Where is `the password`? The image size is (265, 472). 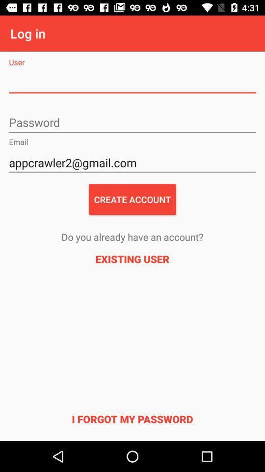
the password is located at coordinates (132, 122).